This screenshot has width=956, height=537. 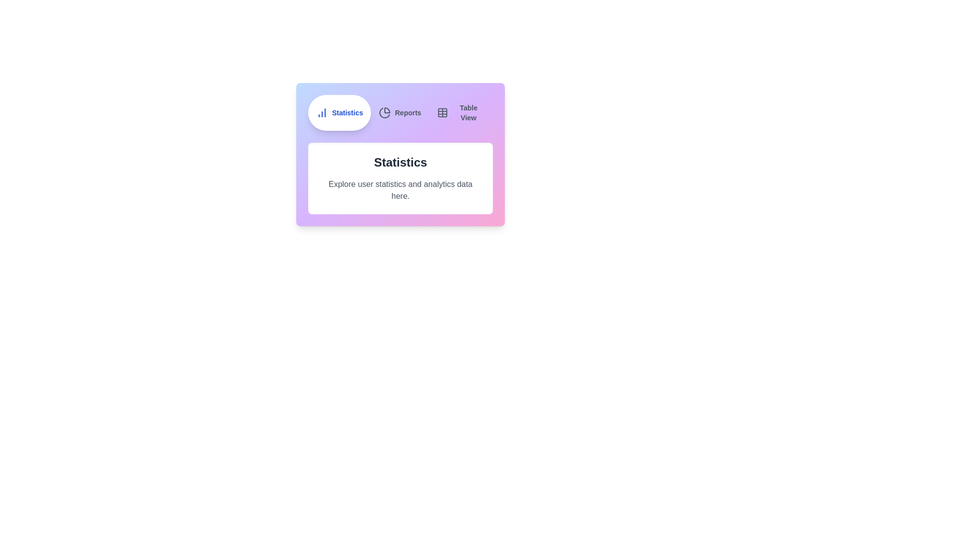 What do you see at coordinates (400, 112) in the screenshot?
I see `the tab labeled 'Reports'` at bounding box center [400, 112].